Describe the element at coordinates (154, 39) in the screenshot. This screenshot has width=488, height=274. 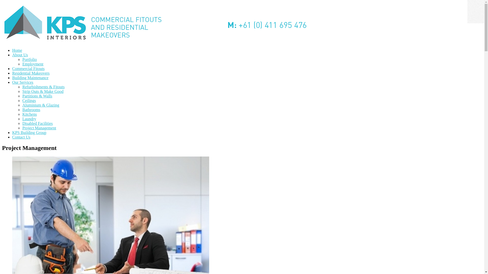
I see `'KPS Interiors'` at that location.